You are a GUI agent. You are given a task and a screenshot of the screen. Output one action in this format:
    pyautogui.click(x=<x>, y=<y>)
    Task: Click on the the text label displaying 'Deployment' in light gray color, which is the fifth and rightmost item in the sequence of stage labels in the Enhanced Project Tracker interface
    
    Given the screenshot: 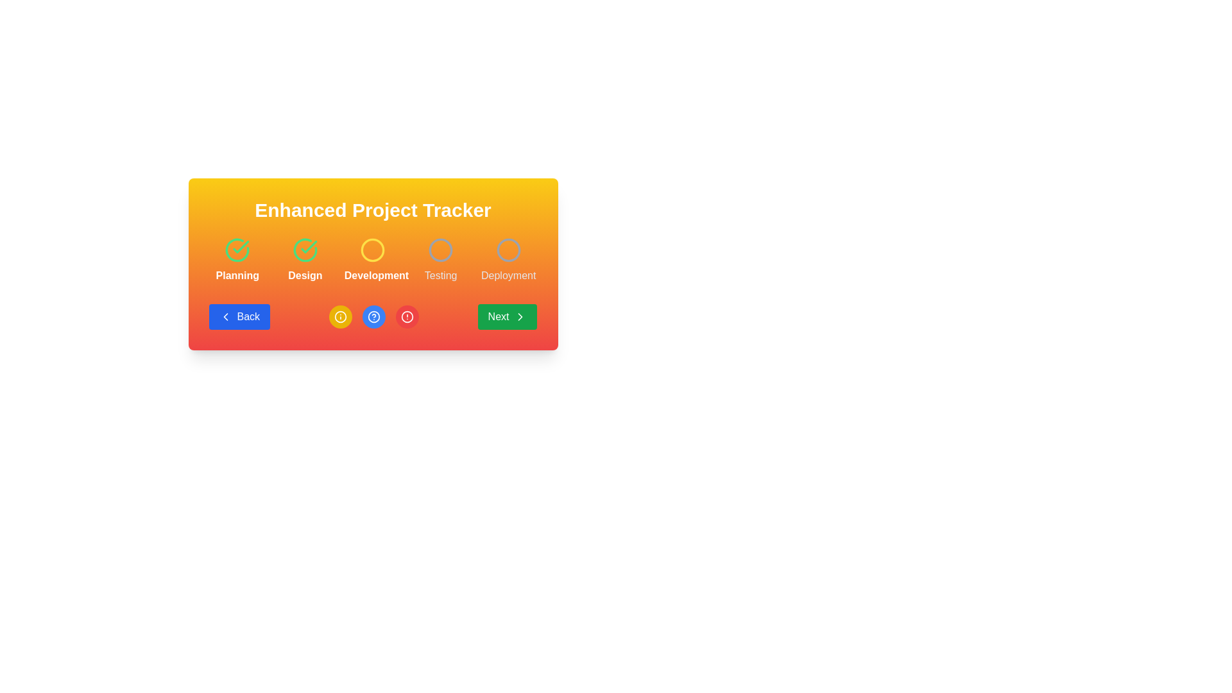 What is the action you would take?
    pyautogui.click(x=508, y=275)
    